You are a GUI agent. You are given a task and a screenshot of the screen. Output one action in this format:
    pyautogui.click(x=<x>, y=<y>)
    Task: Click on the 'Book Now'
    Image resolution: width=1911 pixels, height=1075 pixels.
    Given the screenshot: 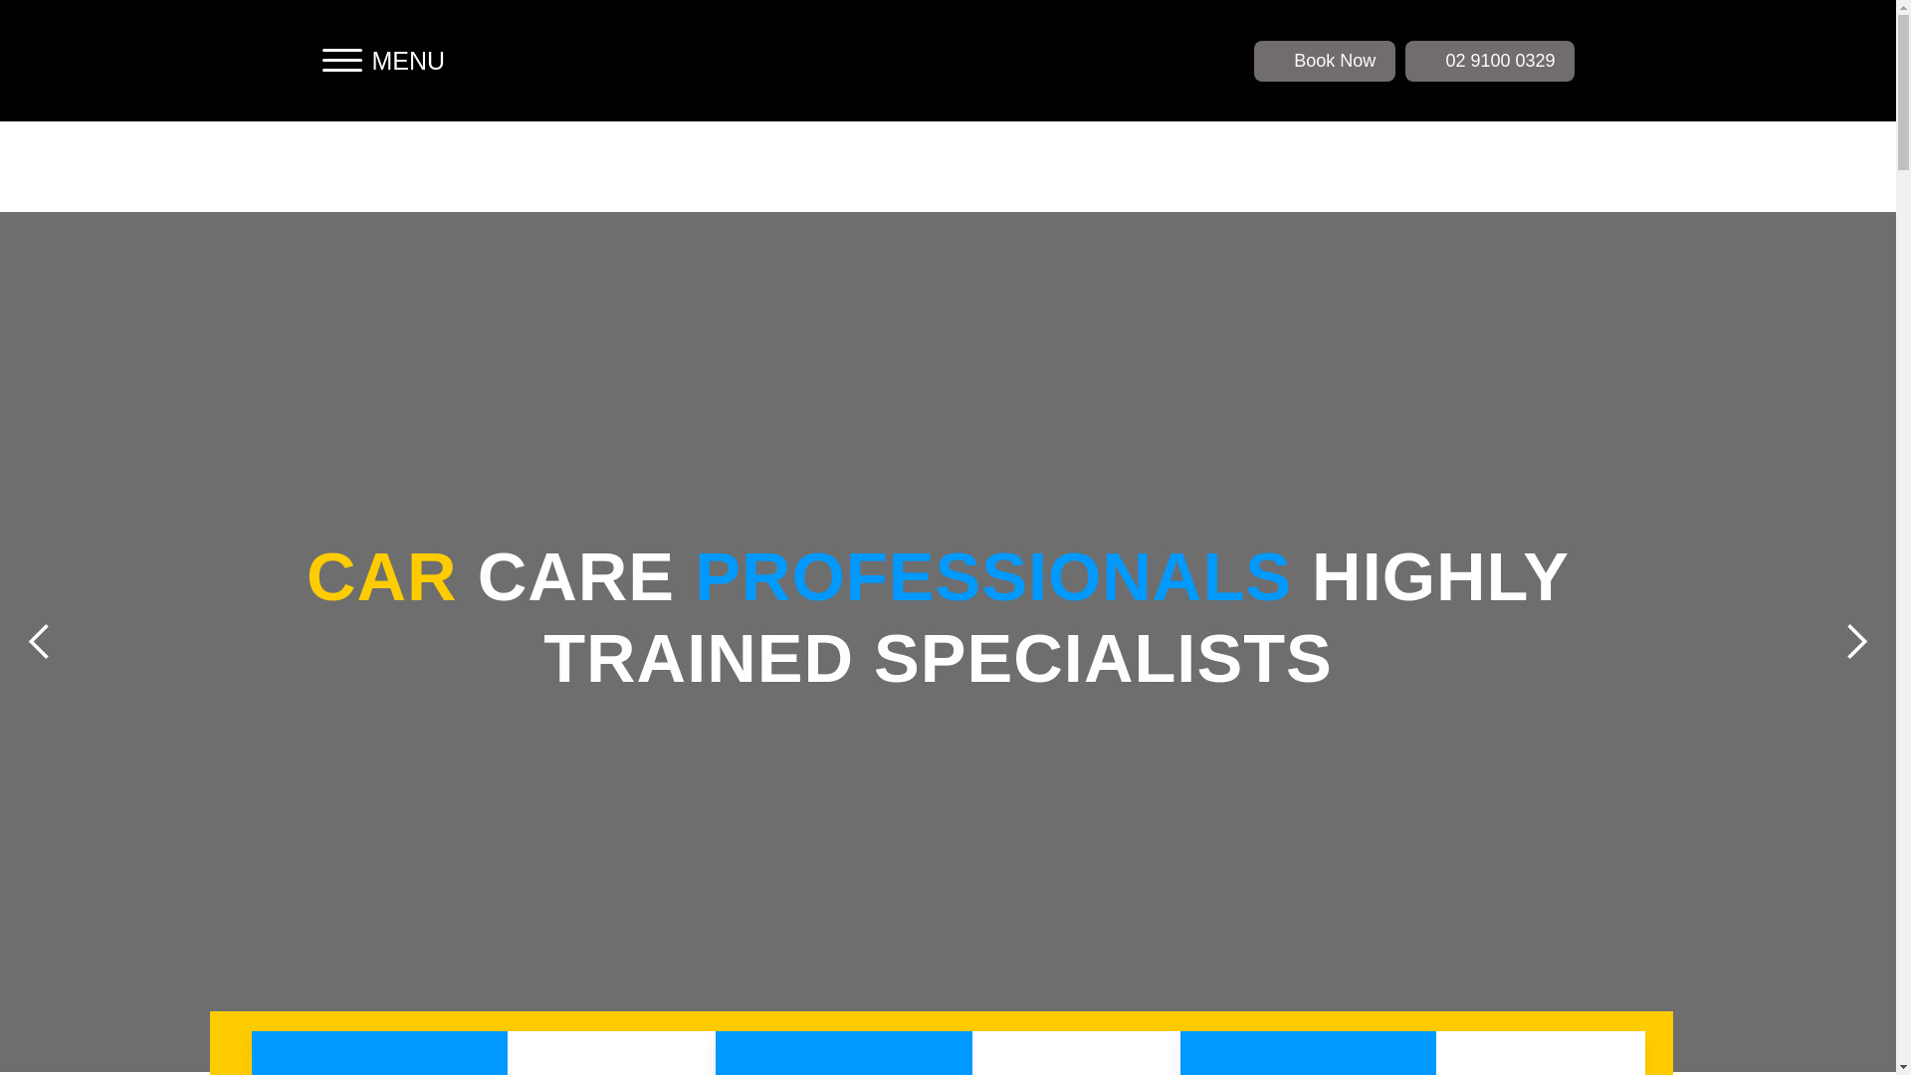 What is the action you would take?
    pyautogui.click(x=1324, y=59)
    